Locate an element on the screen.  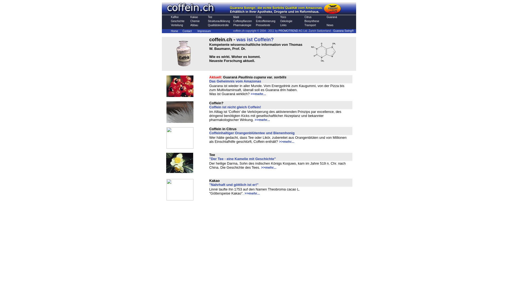
'Transport' is located at coordinates (310, 25).